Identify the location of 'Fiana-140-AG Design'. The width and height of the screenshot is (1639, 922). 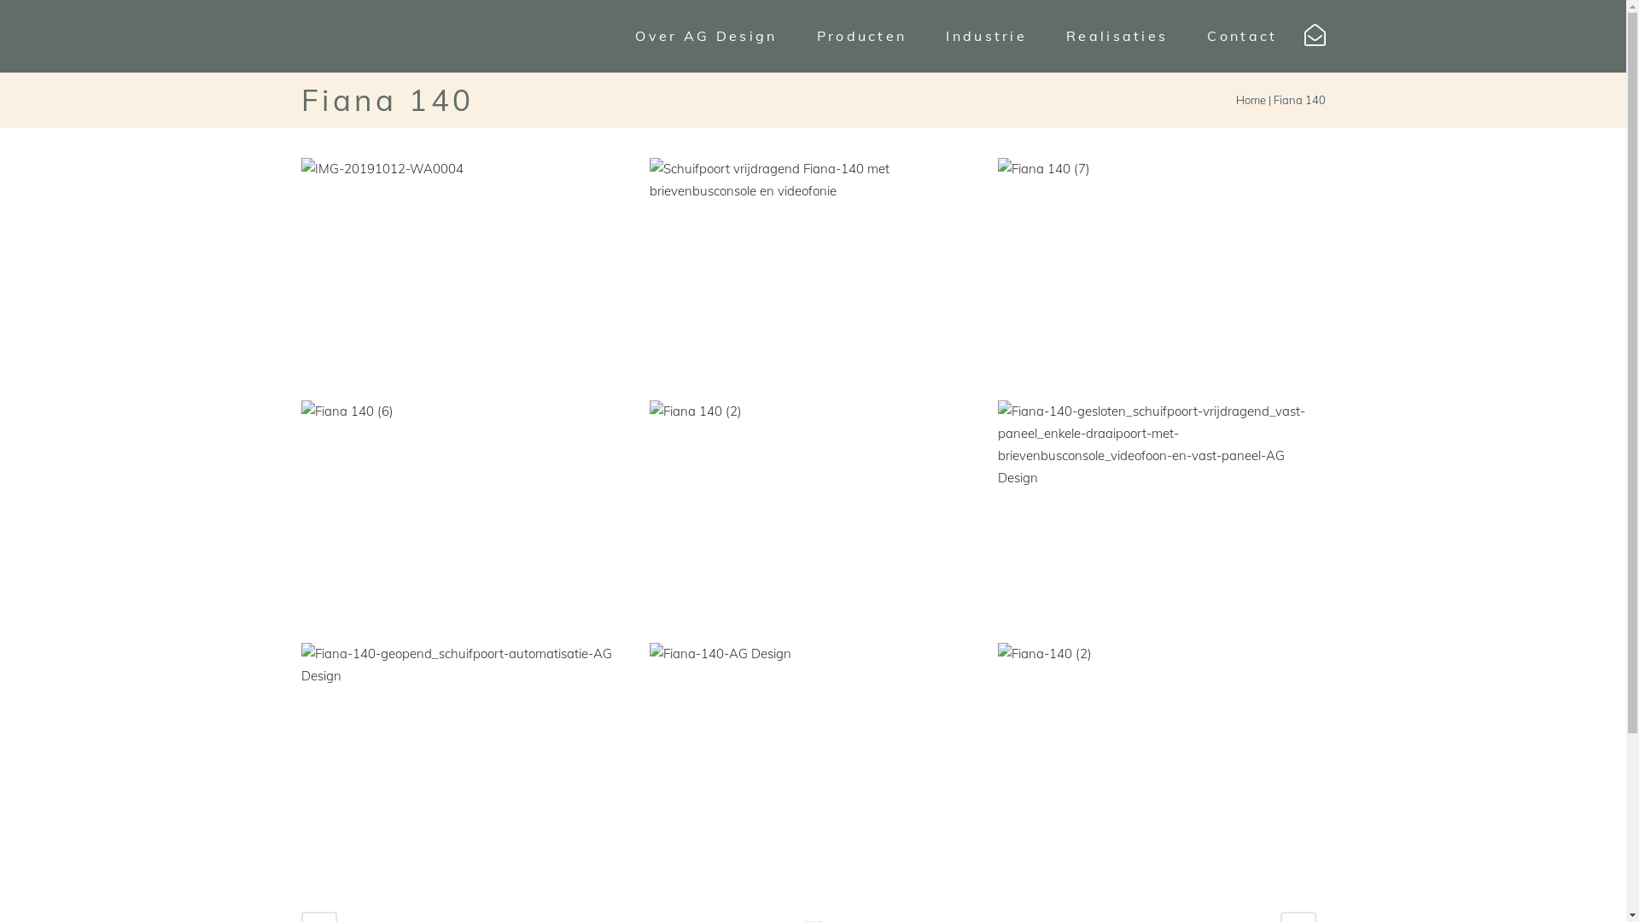
(813, 753).